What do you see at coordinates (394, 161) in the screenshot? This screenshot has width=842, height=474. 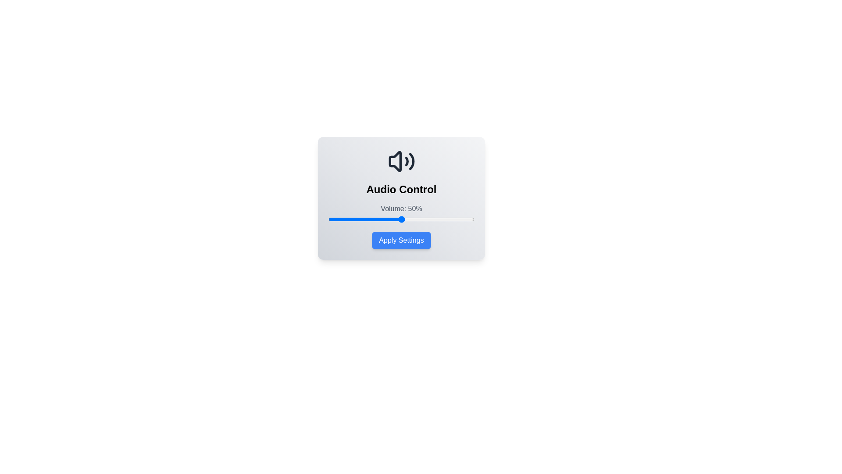 I see `the leftmost graphic component of the speaker icon, representing the body of the speaker, located at the top section of the interface` at bounding box center [394, 161].